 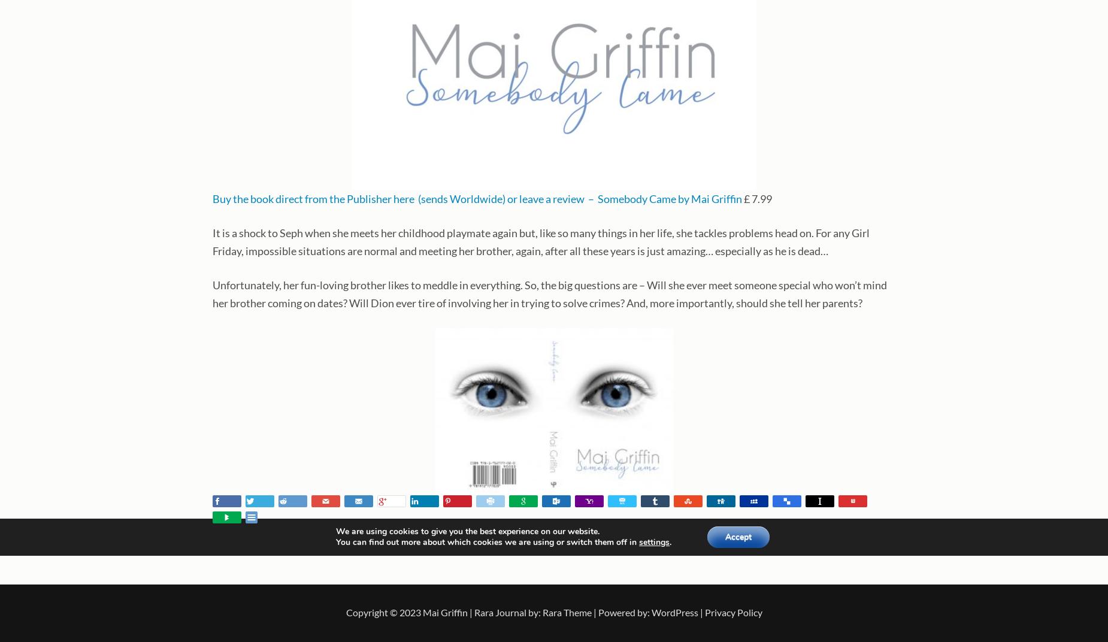 What do you see at coordinates (422, 612) in the screenshot?
I see `'Mai Griffin'` at bounding box center [422, 612].